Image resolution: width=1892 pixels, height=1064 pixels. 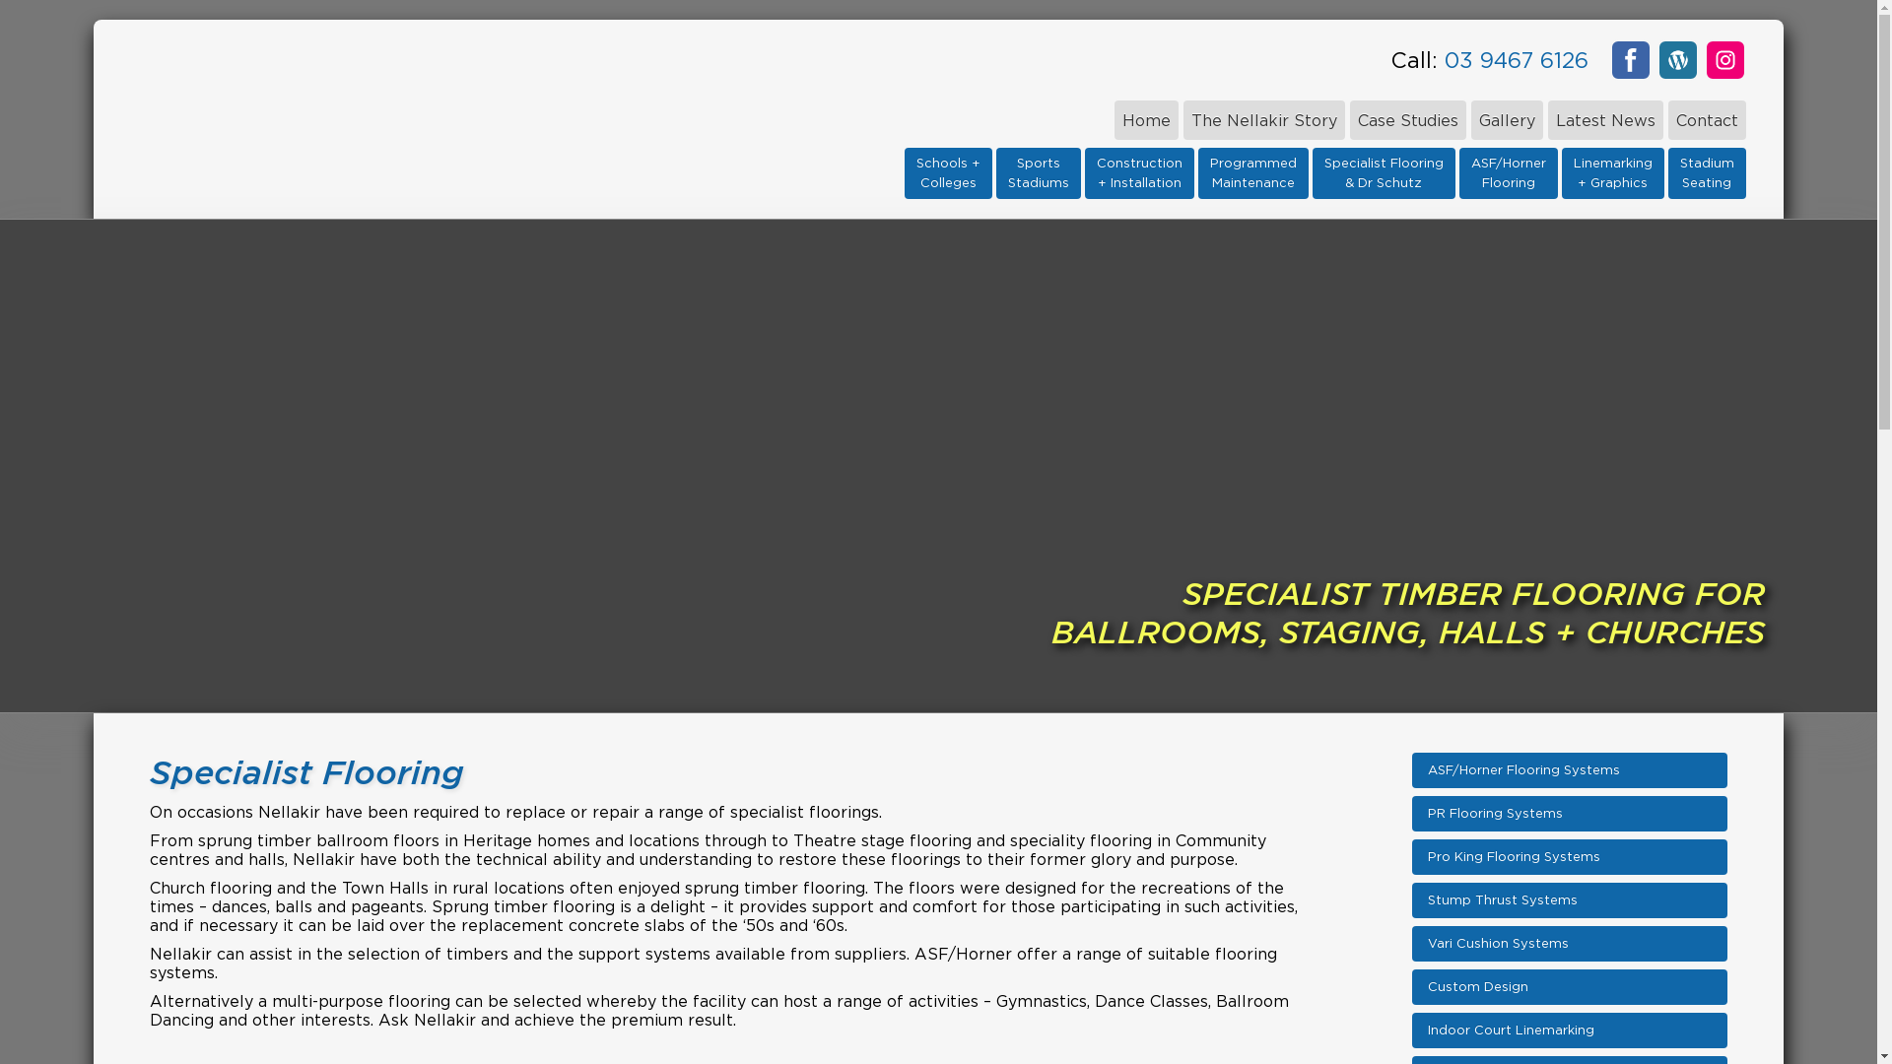 What do you see at coordinates (1146, 120) in the screenshot?
I see `'Home'` at bounding box center [1146, 120].